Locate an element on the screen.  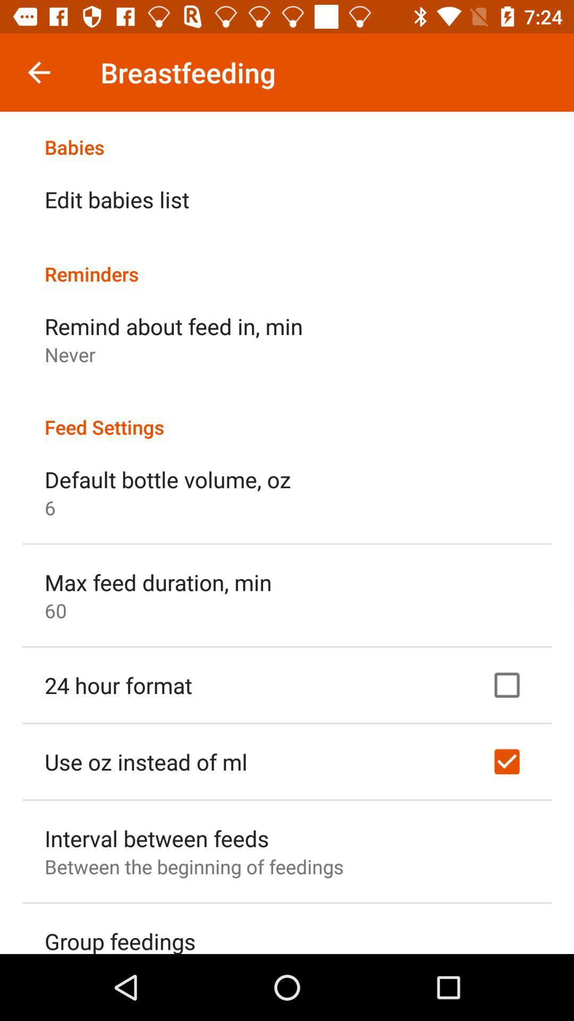
max feed duration is located at coordinates (158, 581).